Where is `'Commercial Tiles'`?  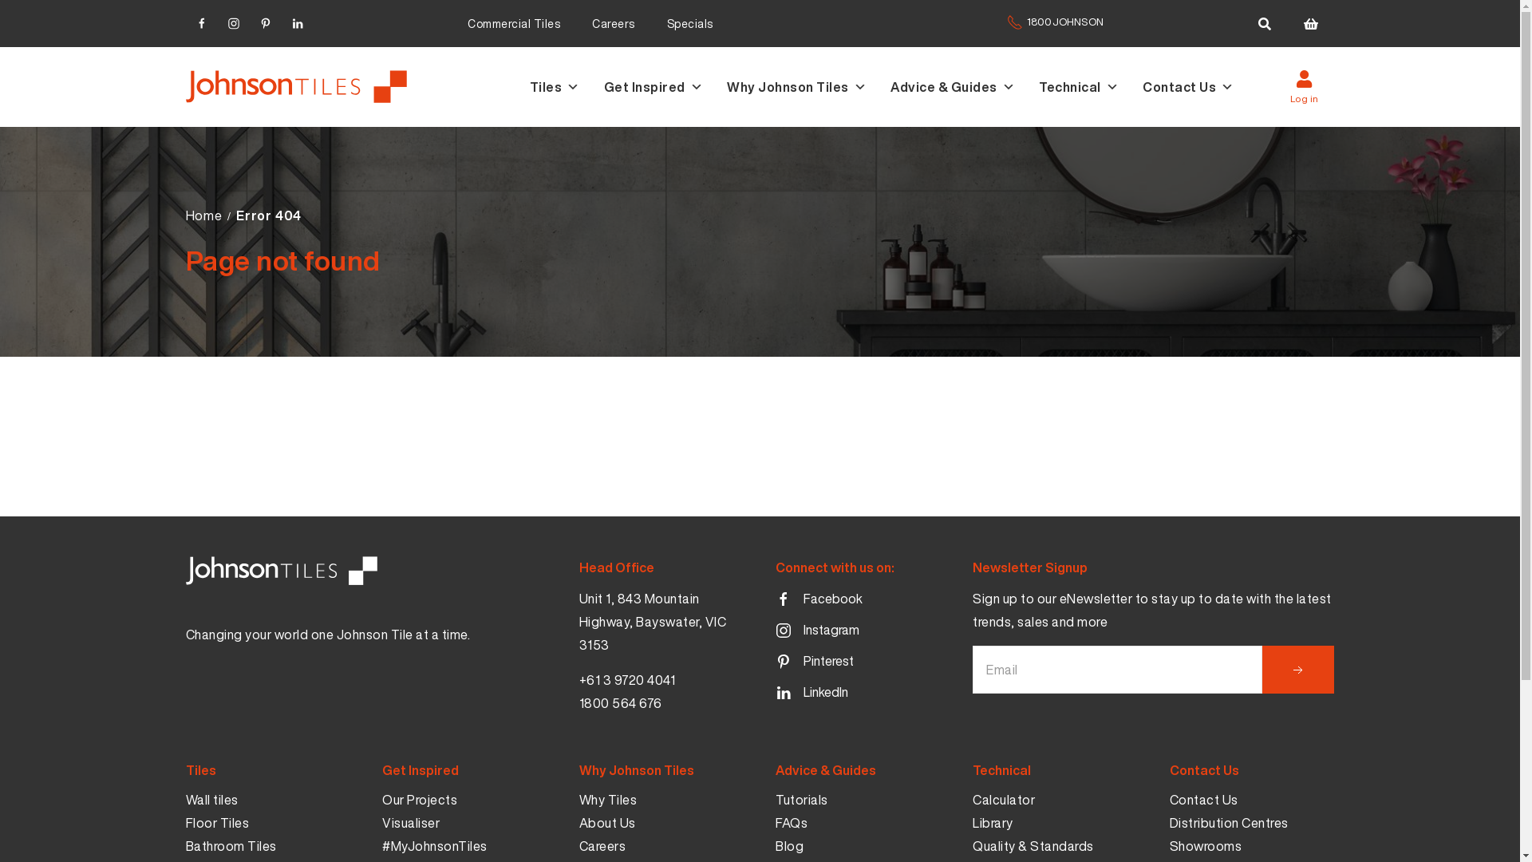
'Commercial Tiles' is located at coordinates (513, 23).